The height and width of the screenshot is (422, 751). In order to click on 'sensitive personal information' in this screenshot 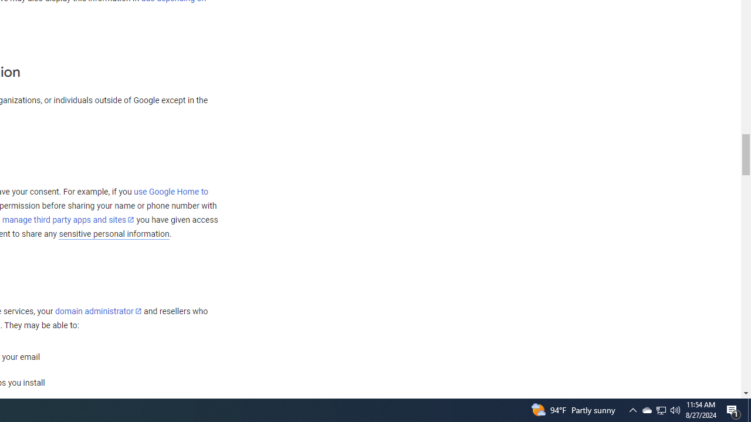, I will do `click(114, 234)`.